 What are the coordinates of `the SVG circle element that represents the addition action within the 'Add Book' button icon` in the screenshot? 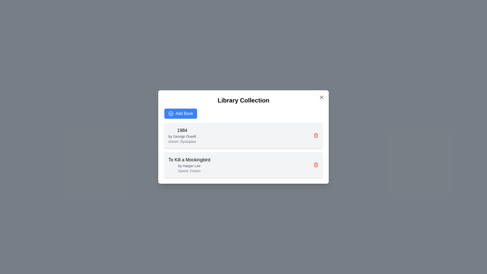 It's located at (171, 113).